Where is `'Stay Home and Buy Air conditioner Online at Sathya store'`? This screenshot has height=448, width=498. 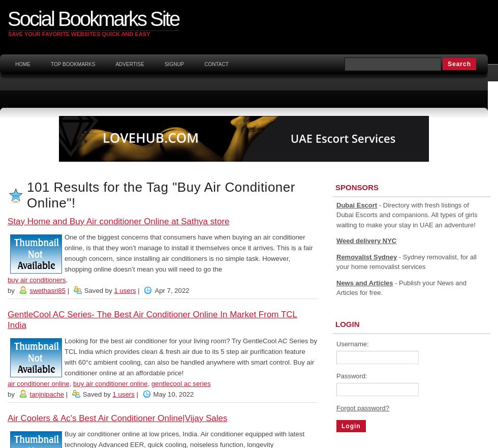
'Stay Home and Buy Air conditioner Online at Sathya store' is located at coordinates (118, 221).